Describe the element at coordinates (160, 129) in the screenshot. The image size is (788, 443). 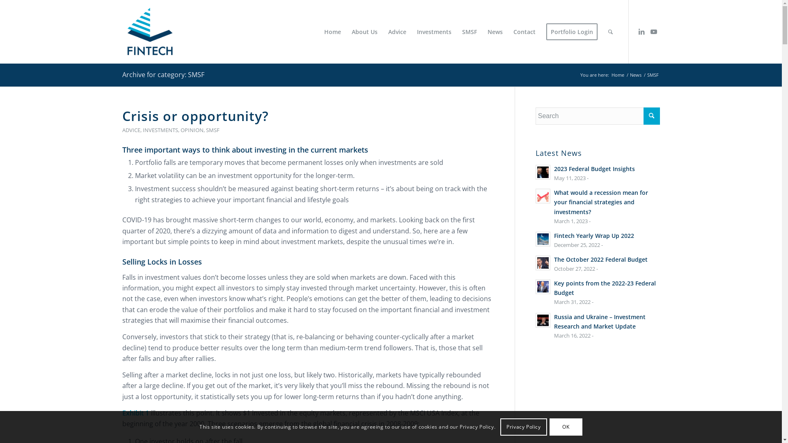
I see `'INVESTMENTS'` at that location.